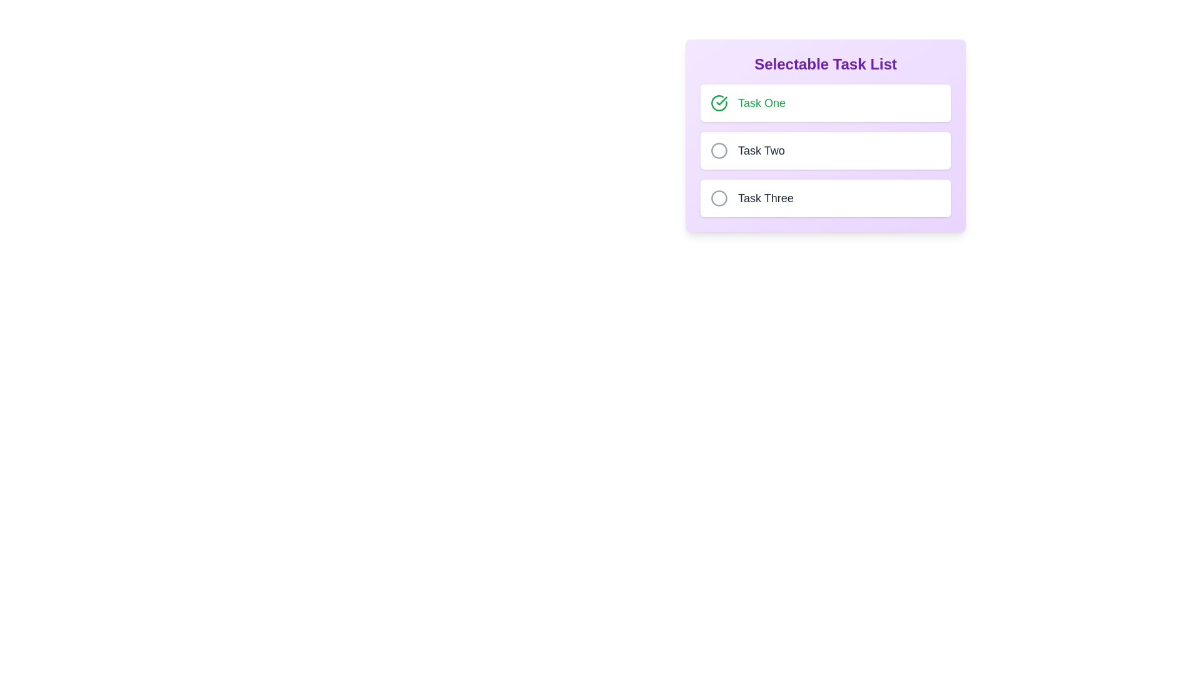 This screenshot has width=1202, height=676. I want to click on the completed task icon representing 'Task One' in the task list, which is positioned to the left of the text 'Task One', so click(719, 103).